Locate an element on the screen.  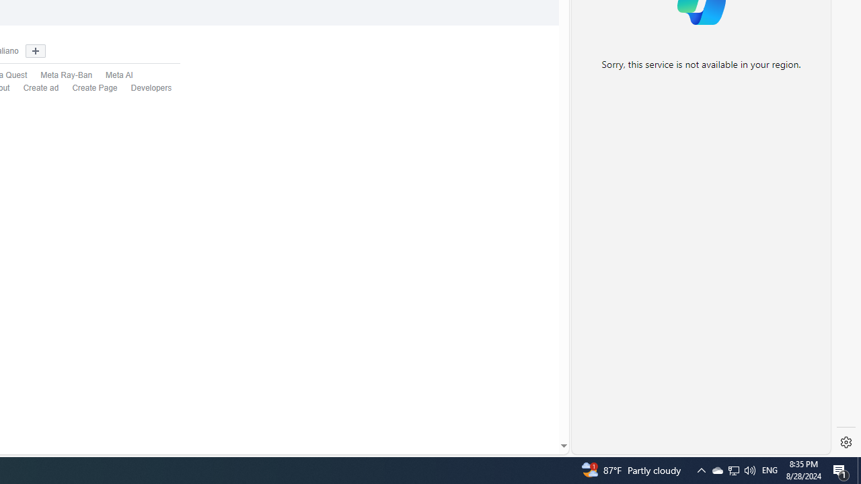
'Meta AI' is located at coordinates (112, 76).